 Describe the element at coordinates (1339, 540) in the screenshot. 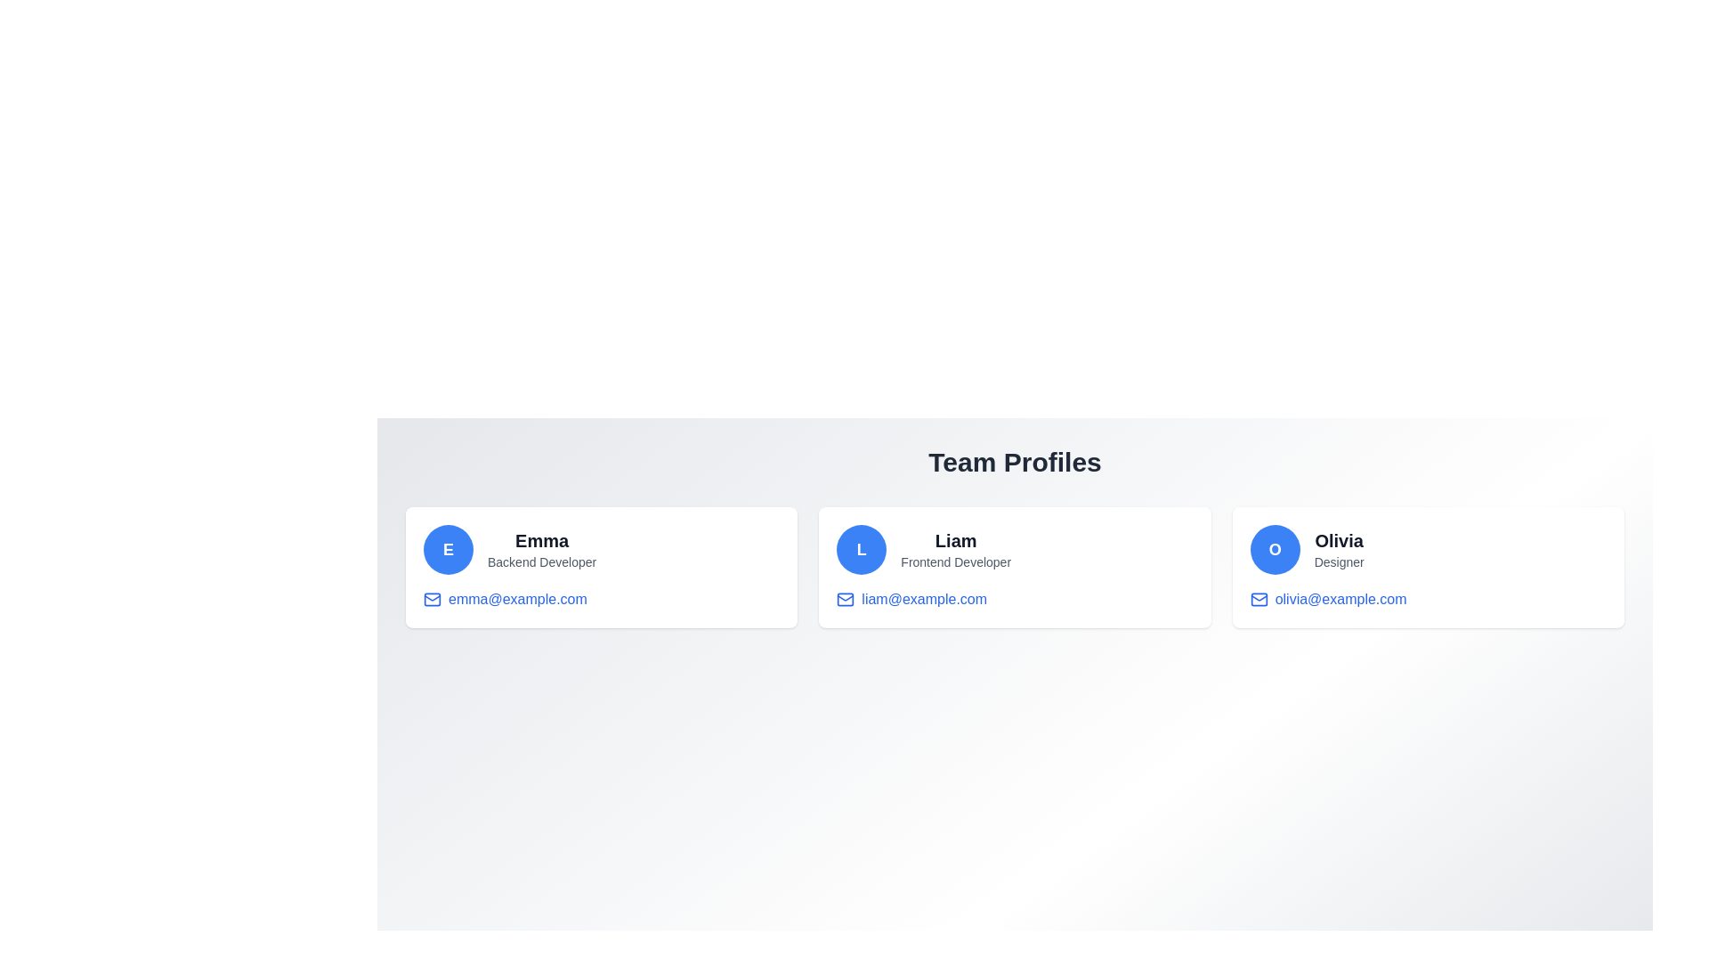

I see `the 'Olivia' text label in the third card of the 'Team Profiles' section to interact with the profile identifier` at that location.